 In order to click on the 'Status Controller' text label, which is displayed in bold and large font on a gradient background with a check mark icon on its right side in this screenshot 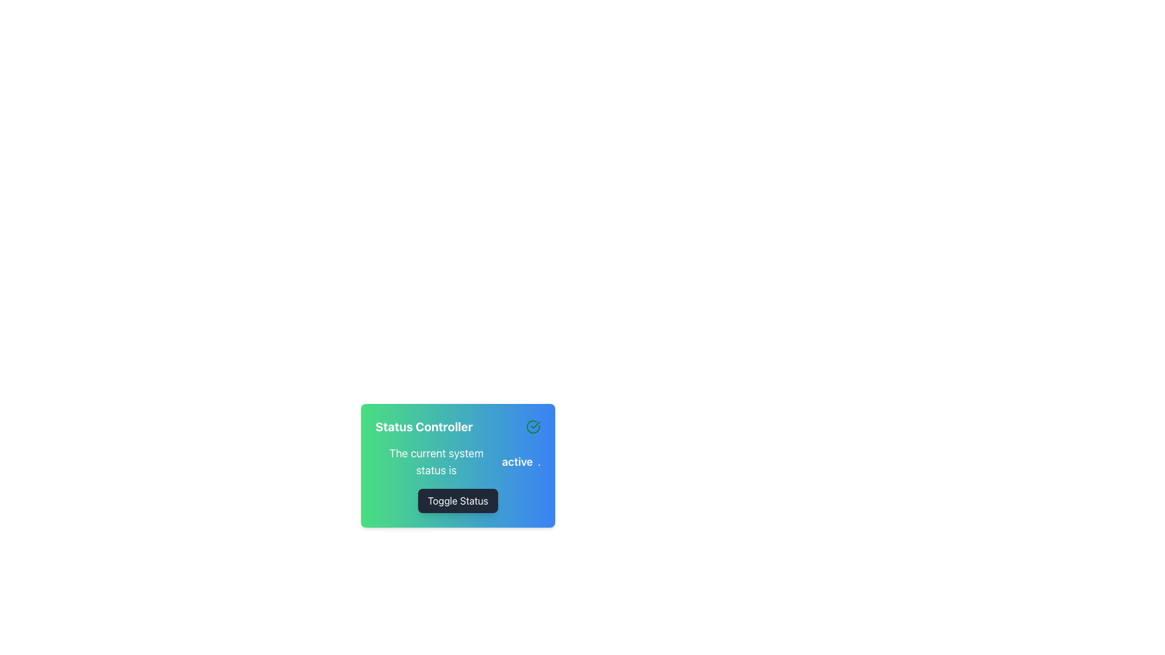, I will do `click(457, 426)`.